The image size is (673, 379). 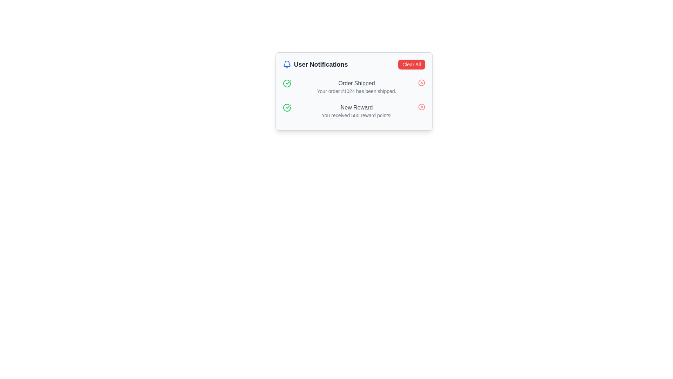 I want to click on the interactive items inside the Notification list, which includes notifications such as 'Order Shipped' and 'New Reward' with corresponding icons and descriptions, so click(x=354, y=99).